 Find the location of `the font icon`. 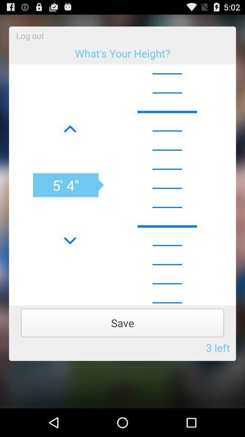

the font icon is located at coordinates (69, 137).